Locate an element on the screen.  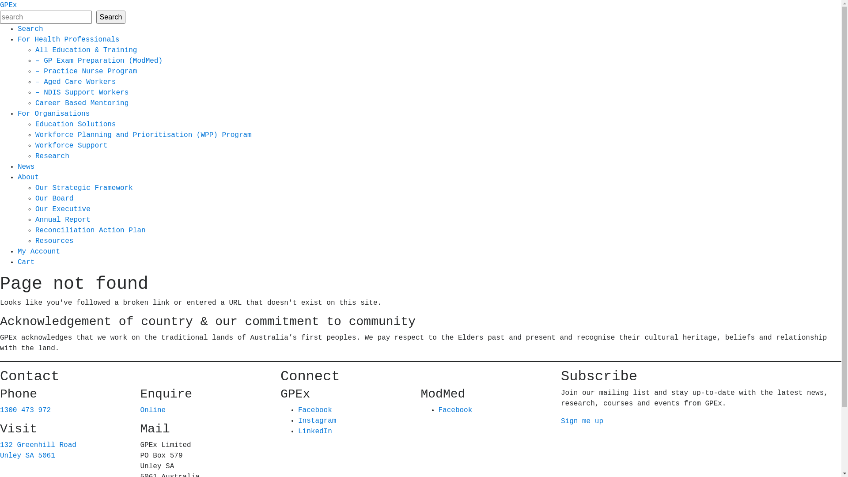
'Facebook' is located at coordinates (315, 410).